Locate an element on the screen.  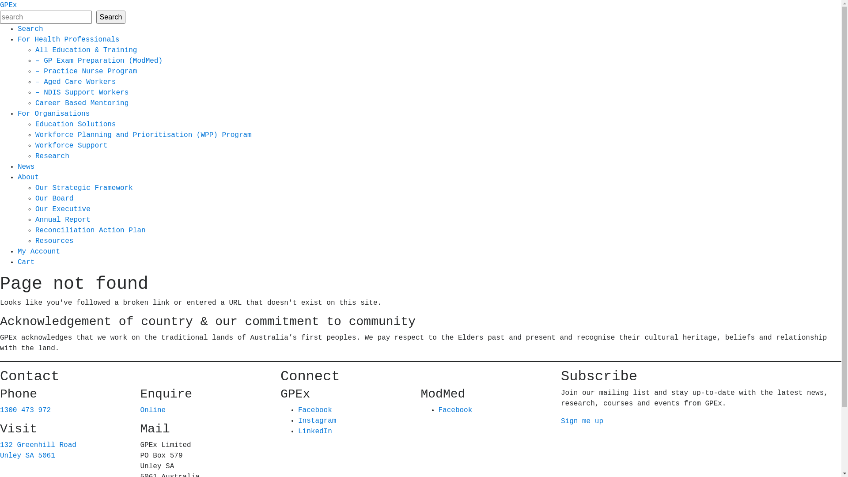
'Facebook' is located at coordinates (315, 410).